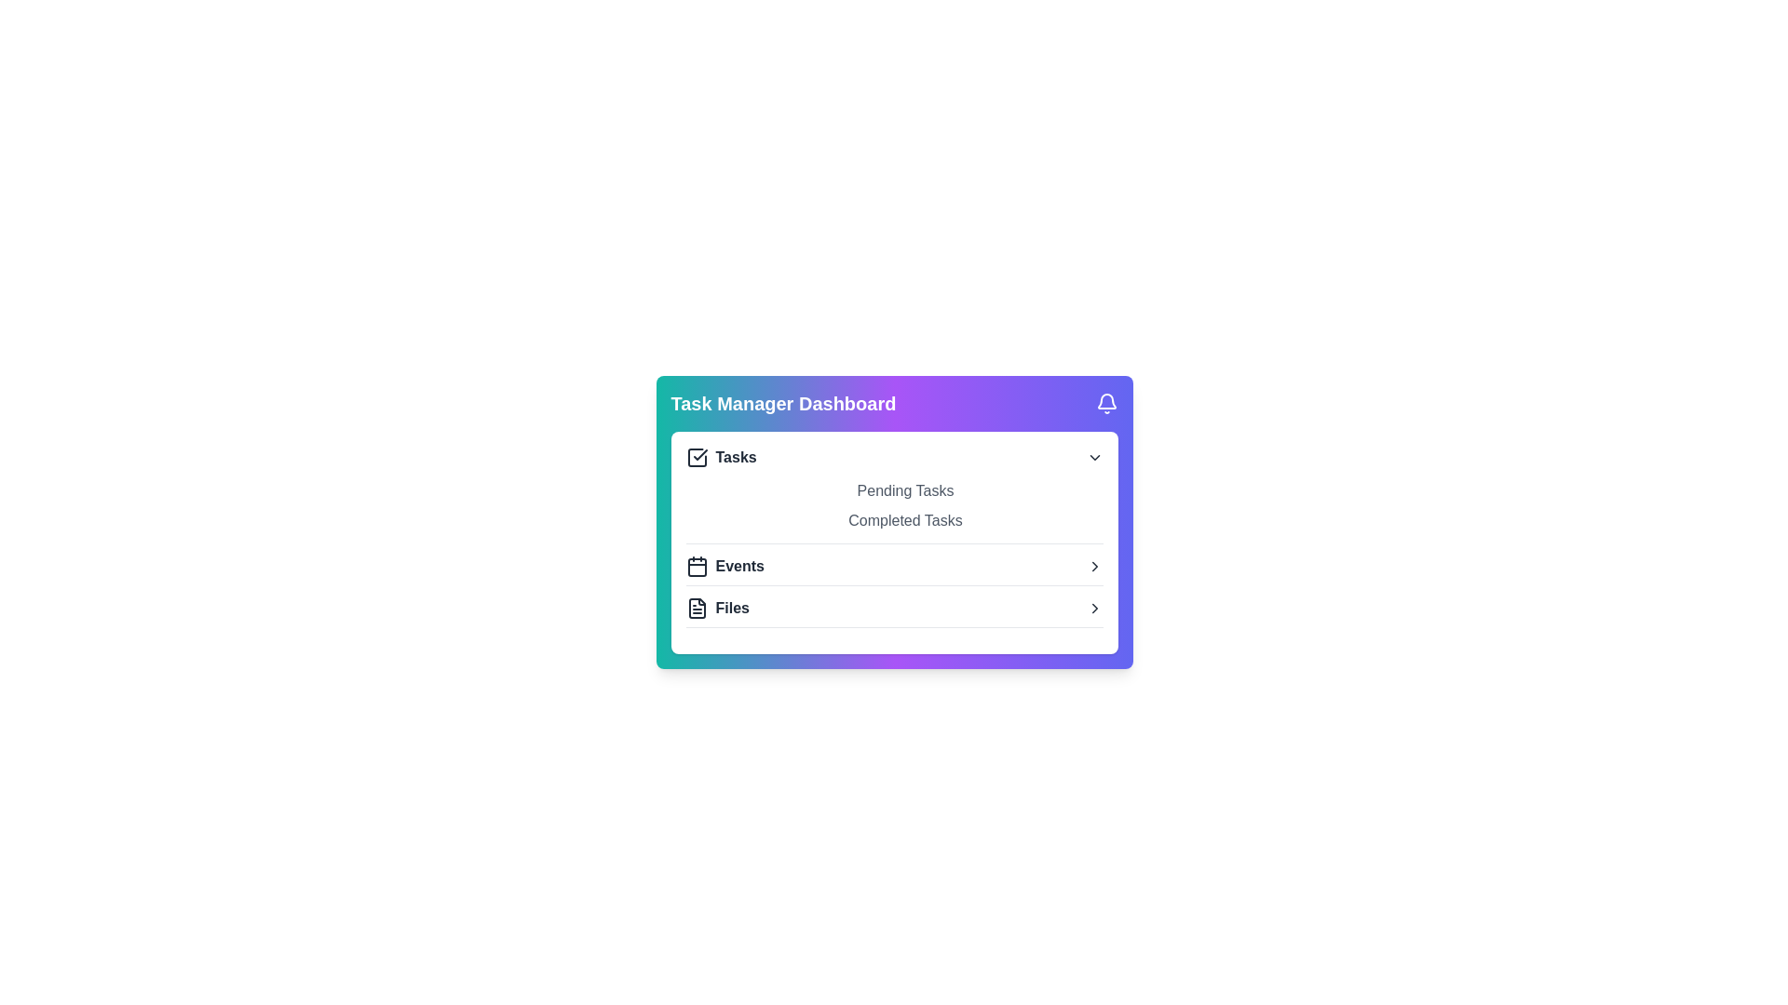 The image size is (1788, 1005). Describe the element at coordinates (720, 458) in the screenshot. I see `the 'Tasks' category text element located at the top of the list, to the left of the drop-down icon` at that location.